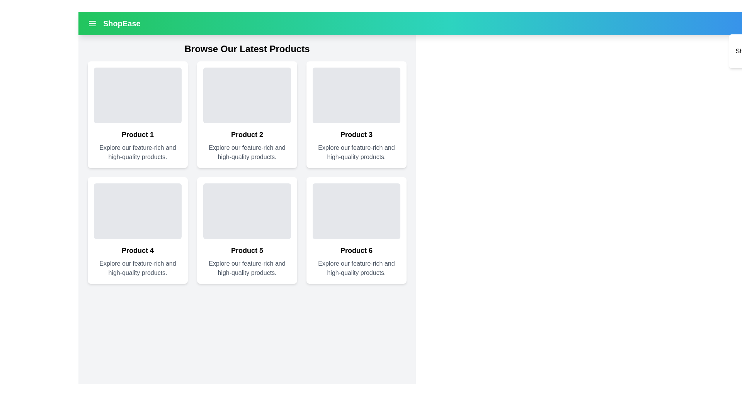 Image resolution: width=742 pixels, height=417 pixels. Describe the element at coordinates (247, 211) in the screenshot. I see `the rectangular gray area with rounded corners, which is the image placeholder in the top section of the card titled 'Product 5', located in the second row, second column of the product grid layout` at that location.